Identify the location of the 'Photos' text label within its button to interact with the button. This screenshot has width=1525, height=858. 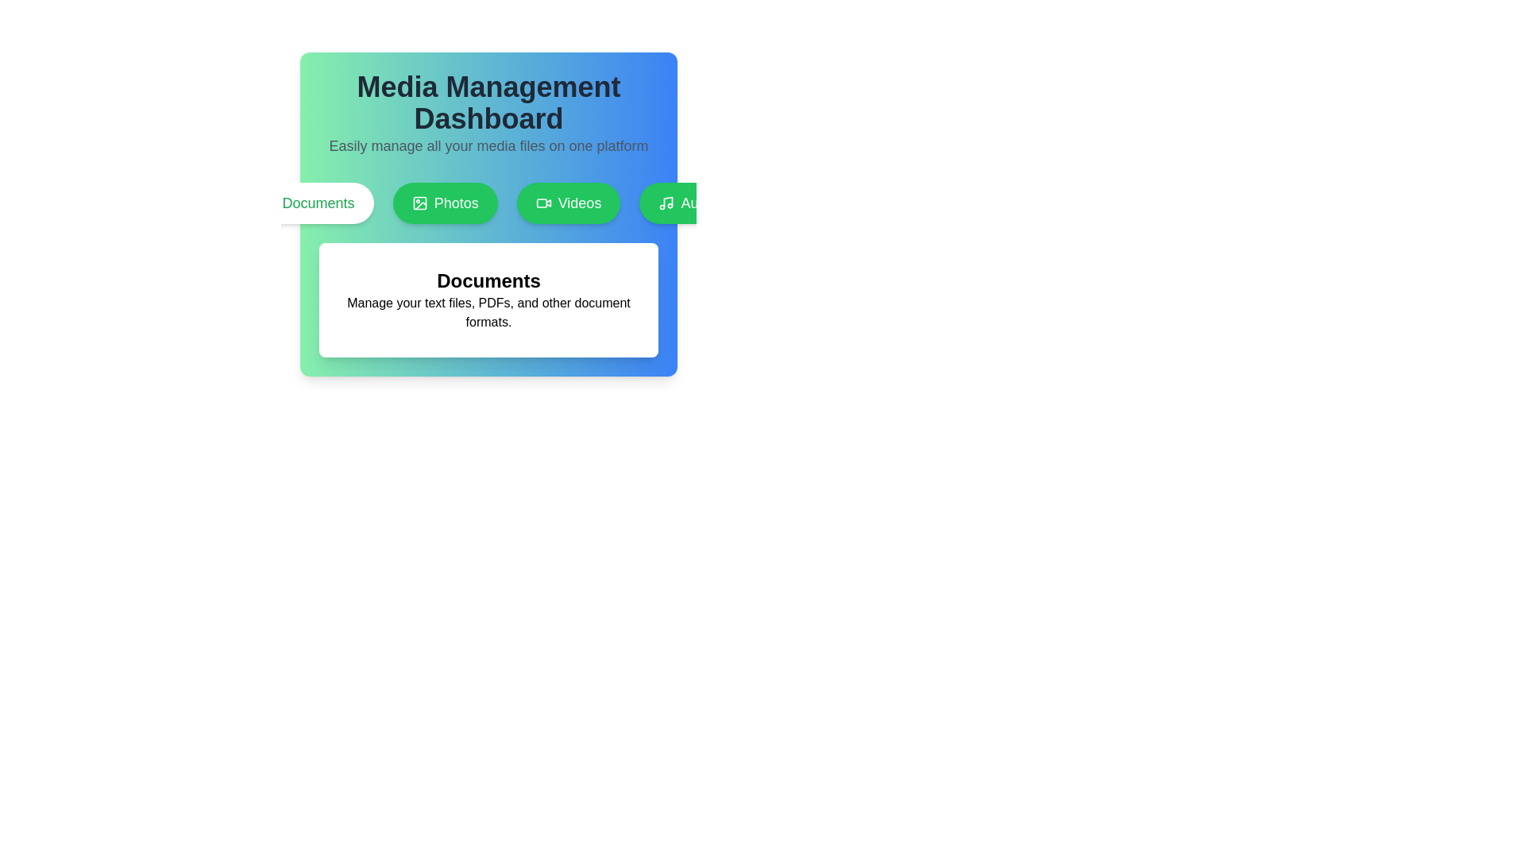
(455, 202).